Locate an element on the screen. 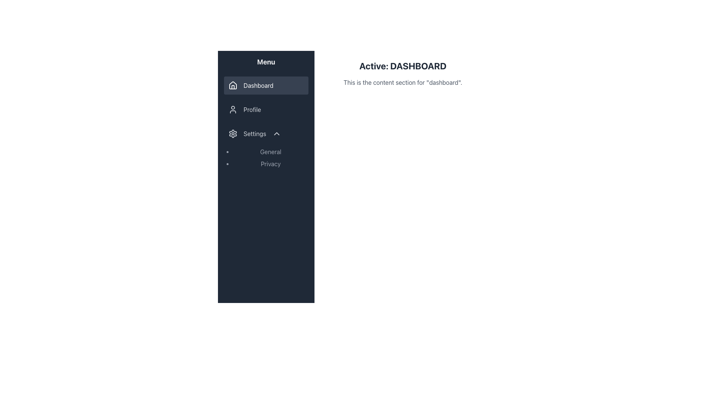 This screenshot has height=407, width=724. the 'General' section label in the left-side panel of the 'Settings' menu, which is the first item in the vertical list above the 'Privacy' option is located at coordinates (271, 151).